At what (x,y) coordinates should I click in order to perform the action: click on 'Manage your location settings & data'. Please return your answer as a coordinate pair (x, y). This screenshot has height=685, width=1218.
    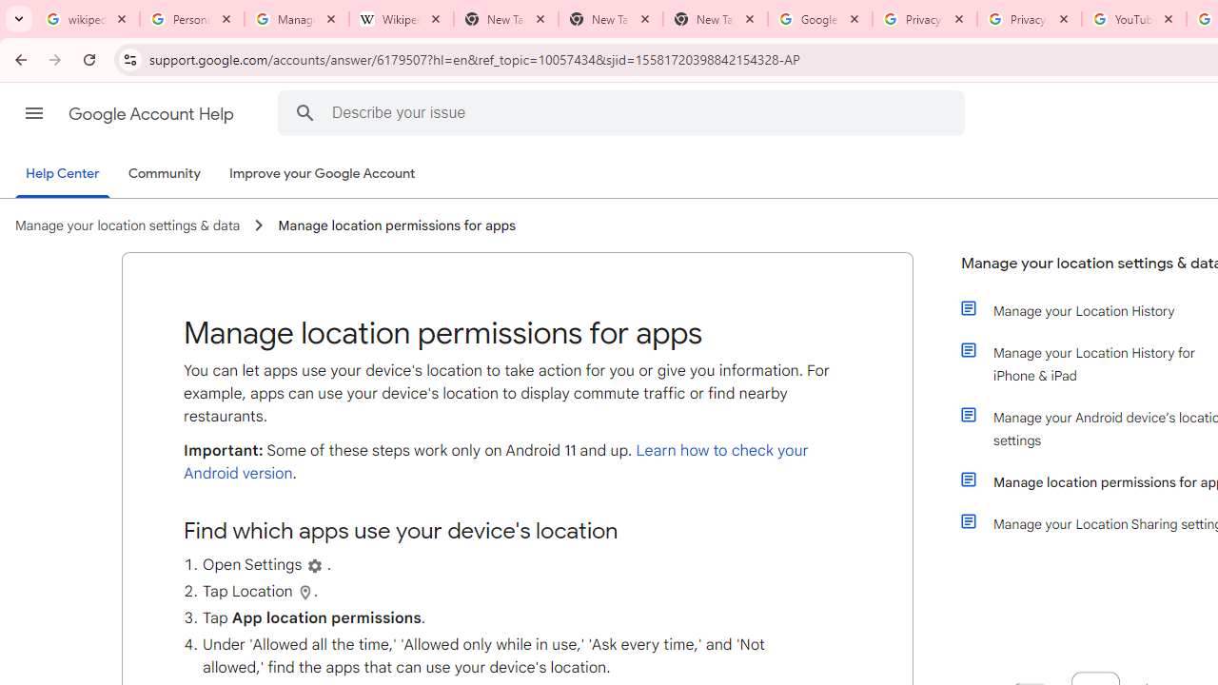
    Looking at the image, I should click on (127, 225).